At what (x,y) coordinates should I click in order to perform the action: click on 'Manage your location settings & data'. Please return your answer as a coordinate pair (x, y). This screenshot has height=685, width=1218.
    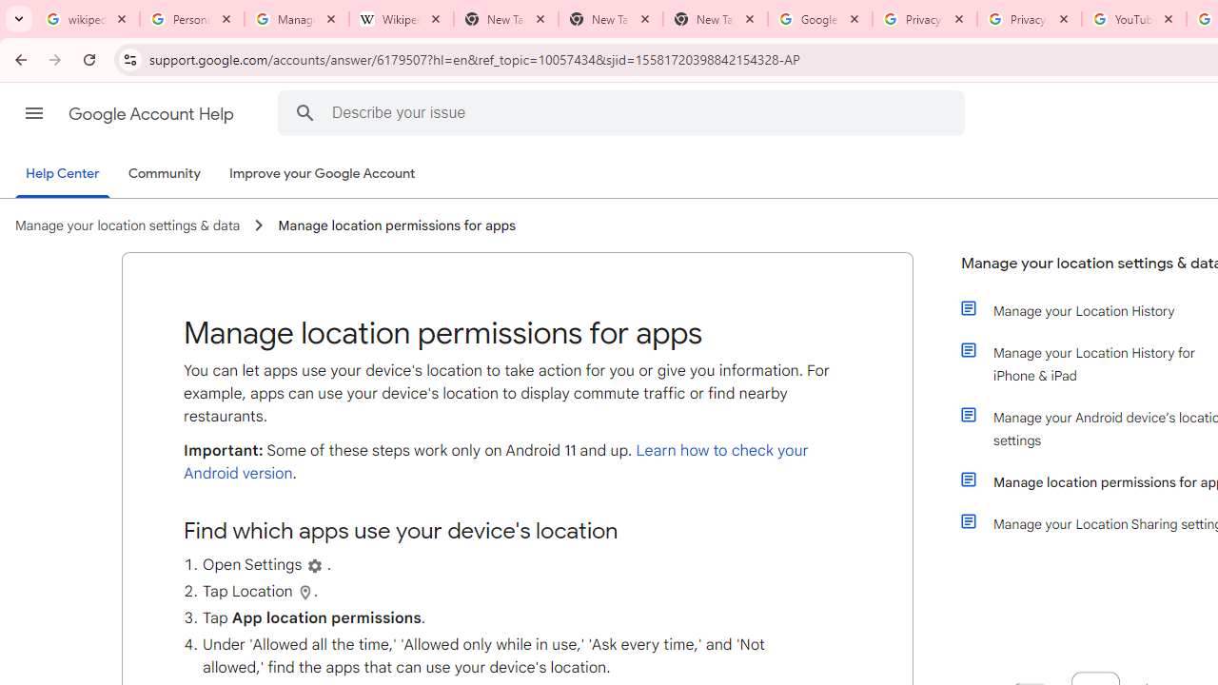
    Looking at the image, I should click on (127, 225).